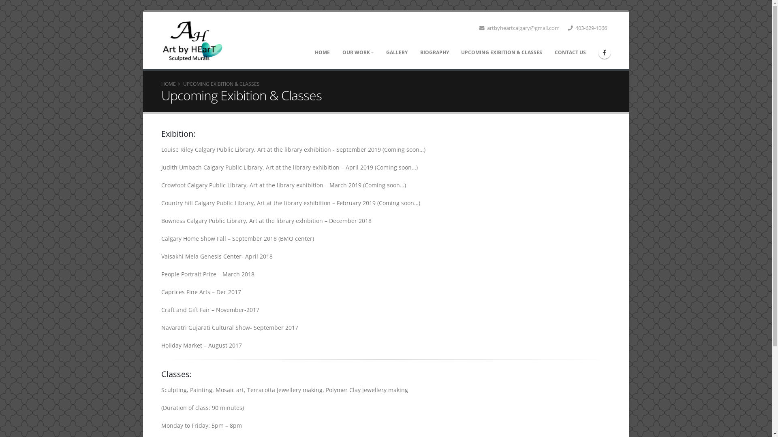 The image size is (778, 437). Describe the element at coordinates (414, 53) in the screenshot. I see `'BIOGRAPHY'` at that location.